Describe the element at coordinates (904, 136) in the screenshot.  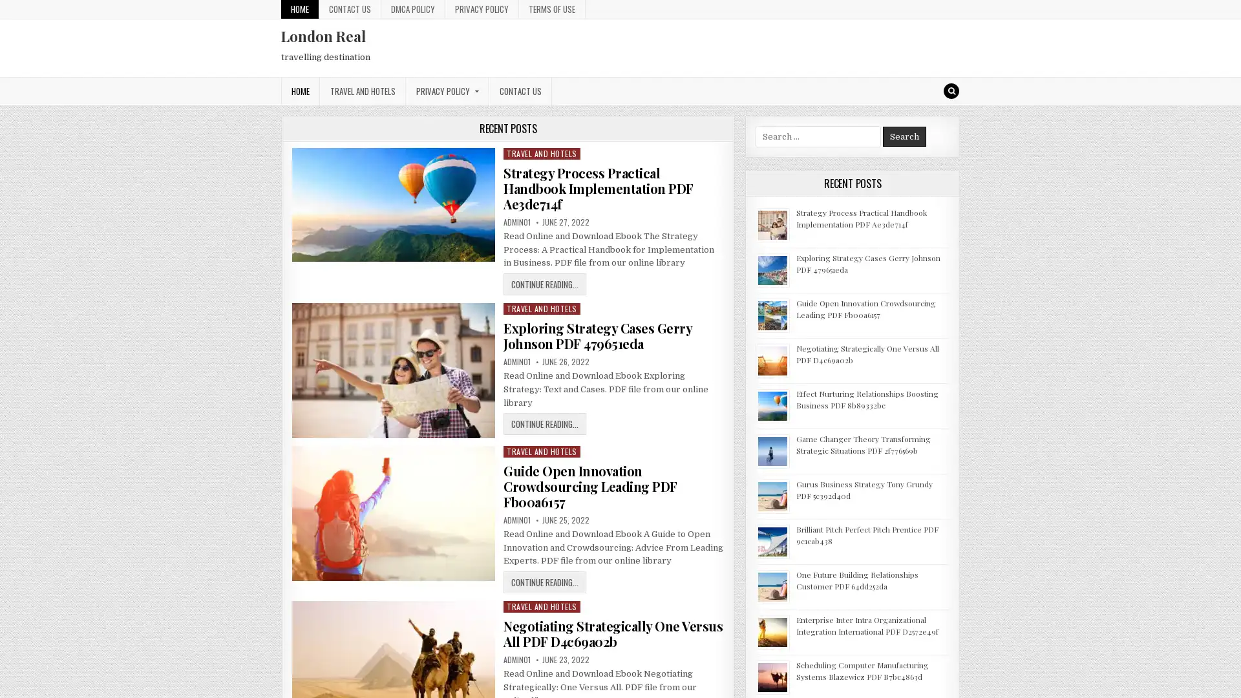
I see `Search` at that location.